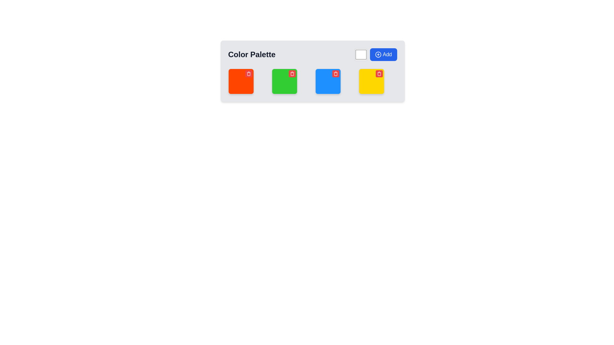 The image size is (614, 345). What do you see at coordinates (248, 73) in the screenshot?
I see `the delete button with a trash bin icon, located at the top-right corner of the orange square tile` at bounding box center [248, 73].